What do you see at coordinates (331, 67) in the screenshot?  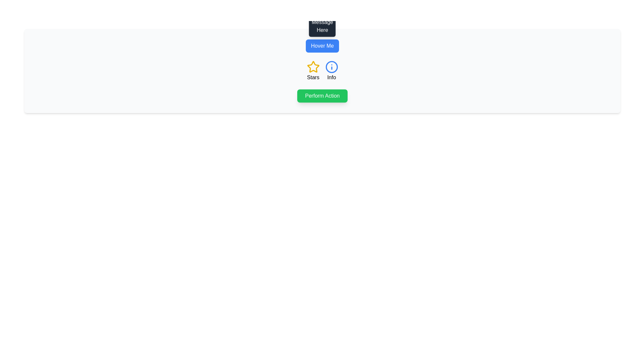 I see `the information icon located to the right of the duo of icons under the text 'Hover Me'` at bounding box center [331, 67].